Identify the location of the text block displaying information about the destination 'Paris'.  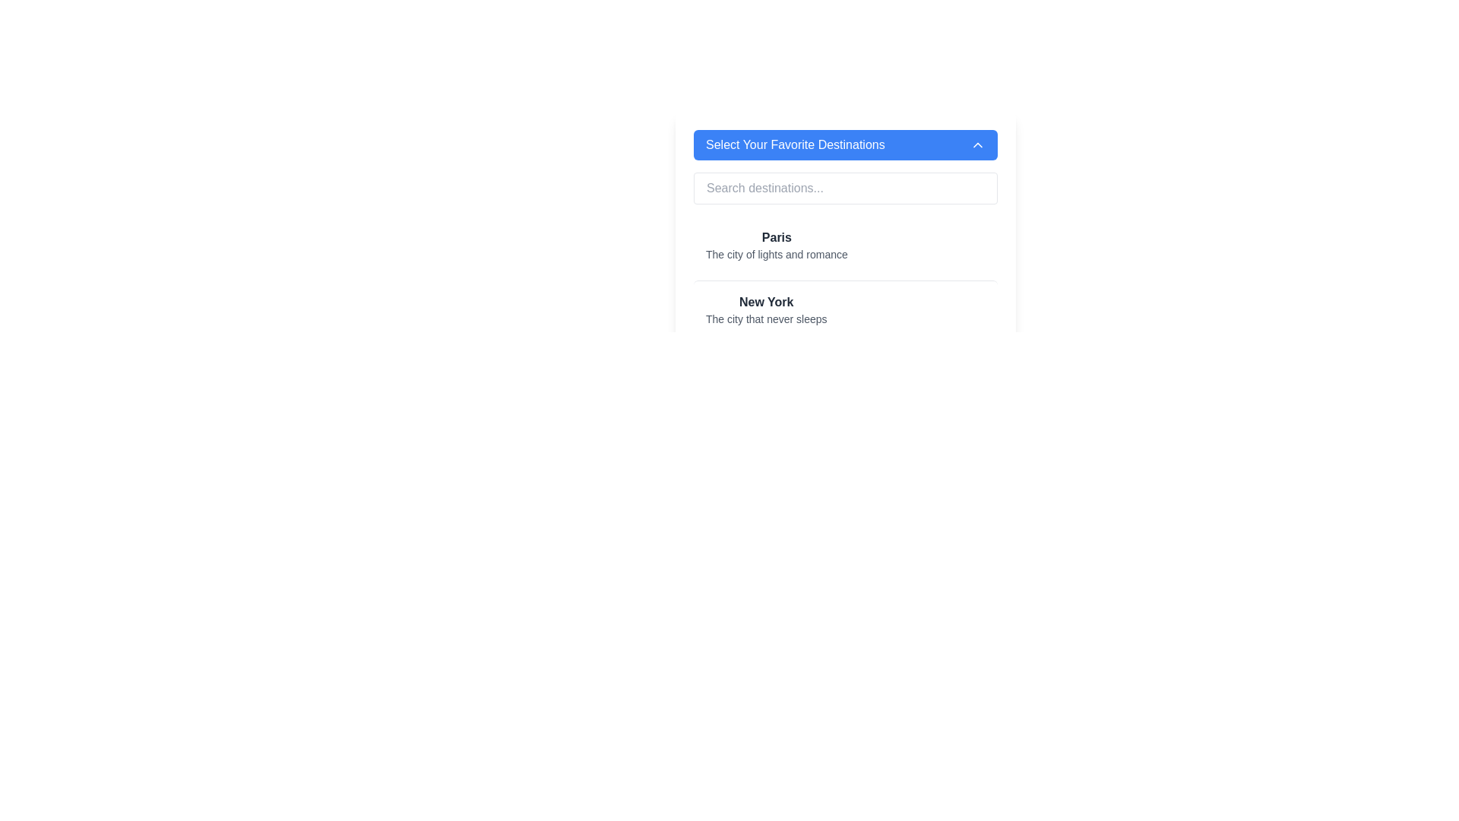
(777, 245).